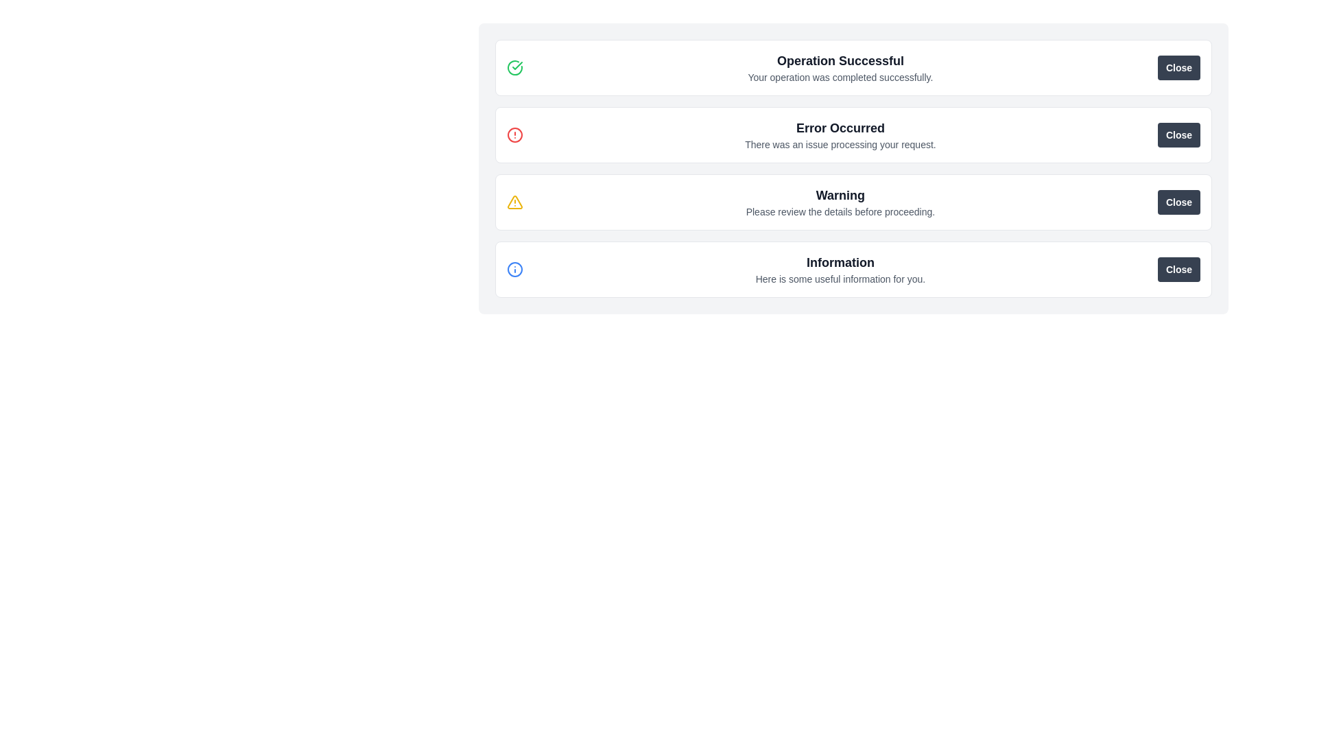  I want to click on the Text label that provides a confirmation message beneath the title 'Operation Successful.', so click(840, 77).